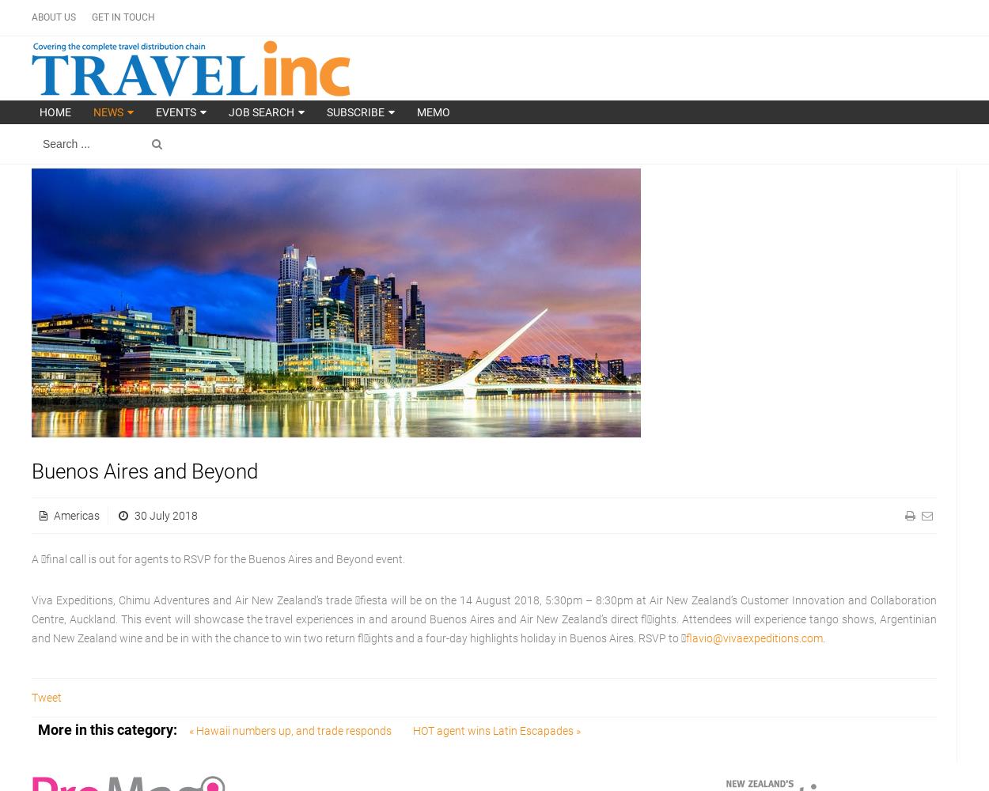  What do you see at coordinates (40, 112) in the screenshot?
I see `'Home'` at bounding box center [40, 112].